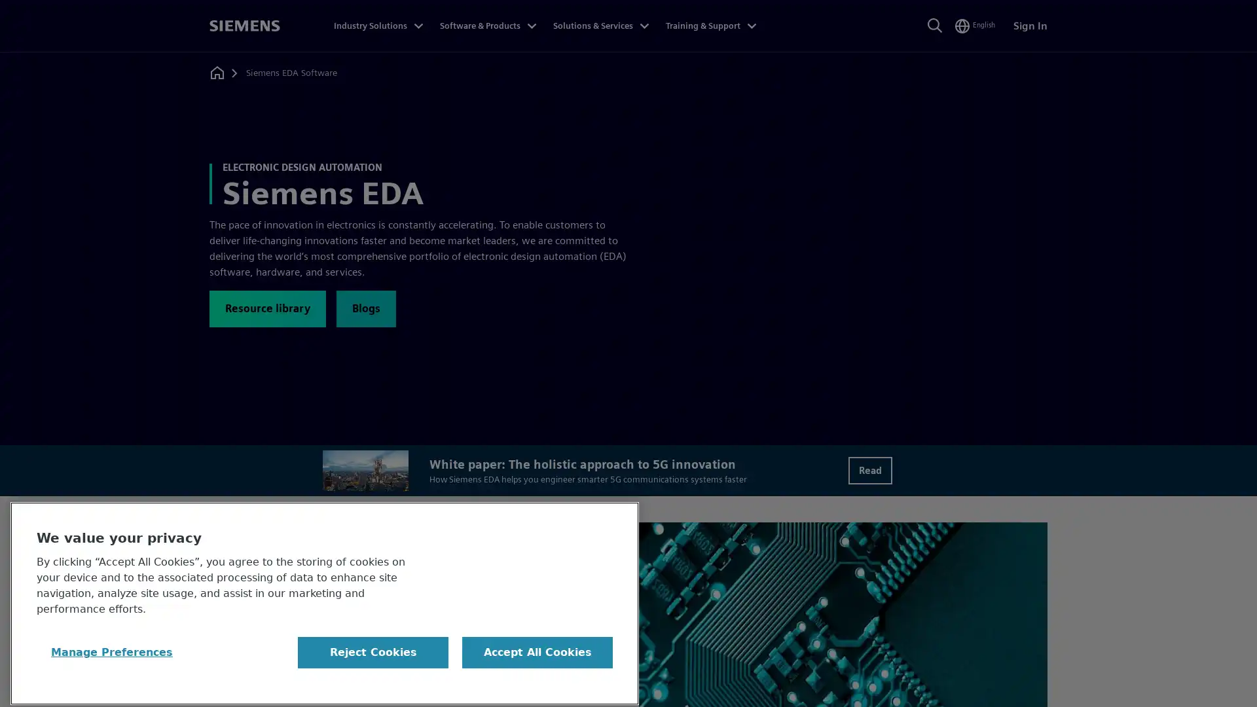  What do you see at coordinates (266, 308) in the screenshot?
I see `Resource library` at bounding box center [266, 308].